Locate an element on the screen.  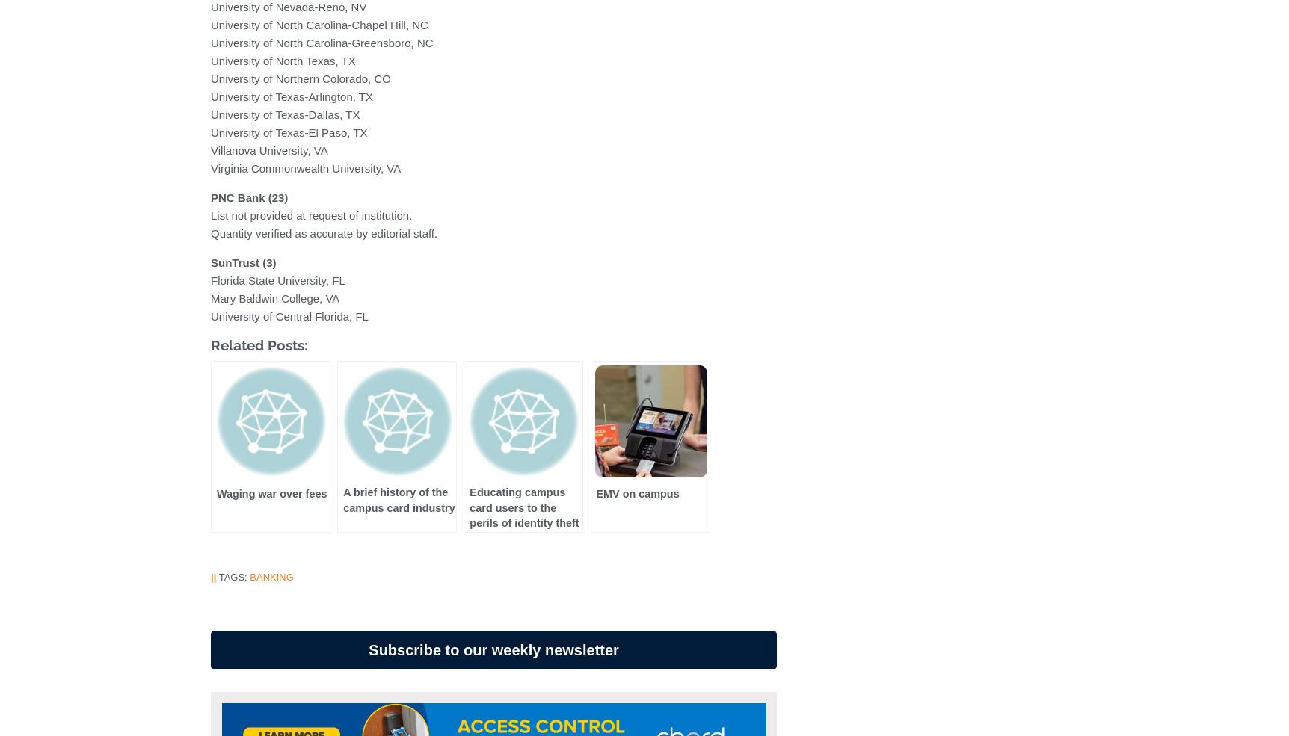
'University of Texas-Arlington, TX' is located at coordinates (210, 96).